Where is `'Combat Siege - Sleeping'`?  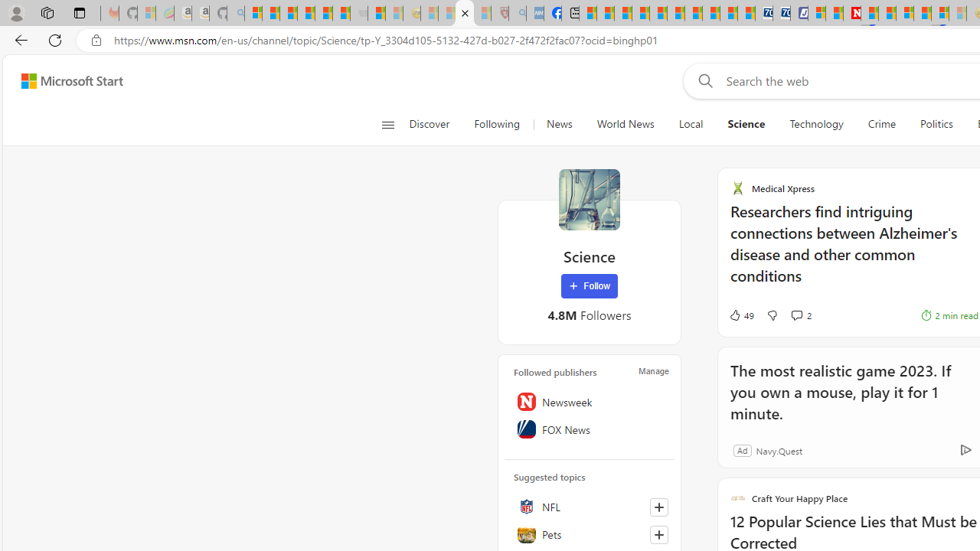
'Combat Siege - Sleeping' is located at coordinates (358, 13).